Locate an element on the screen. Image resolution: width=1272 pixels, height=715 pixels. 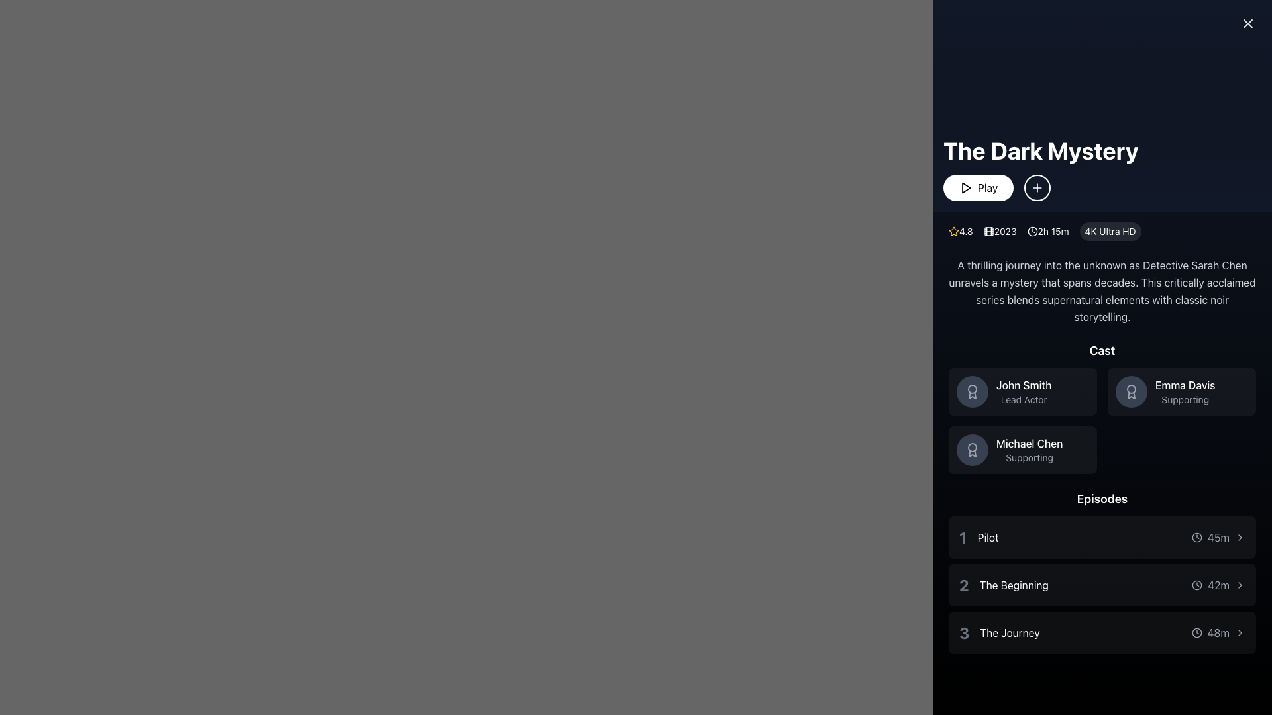
the text label for the episode title located in the 'Episodes' section, which is positioned is located at coordinates (1013, 584).